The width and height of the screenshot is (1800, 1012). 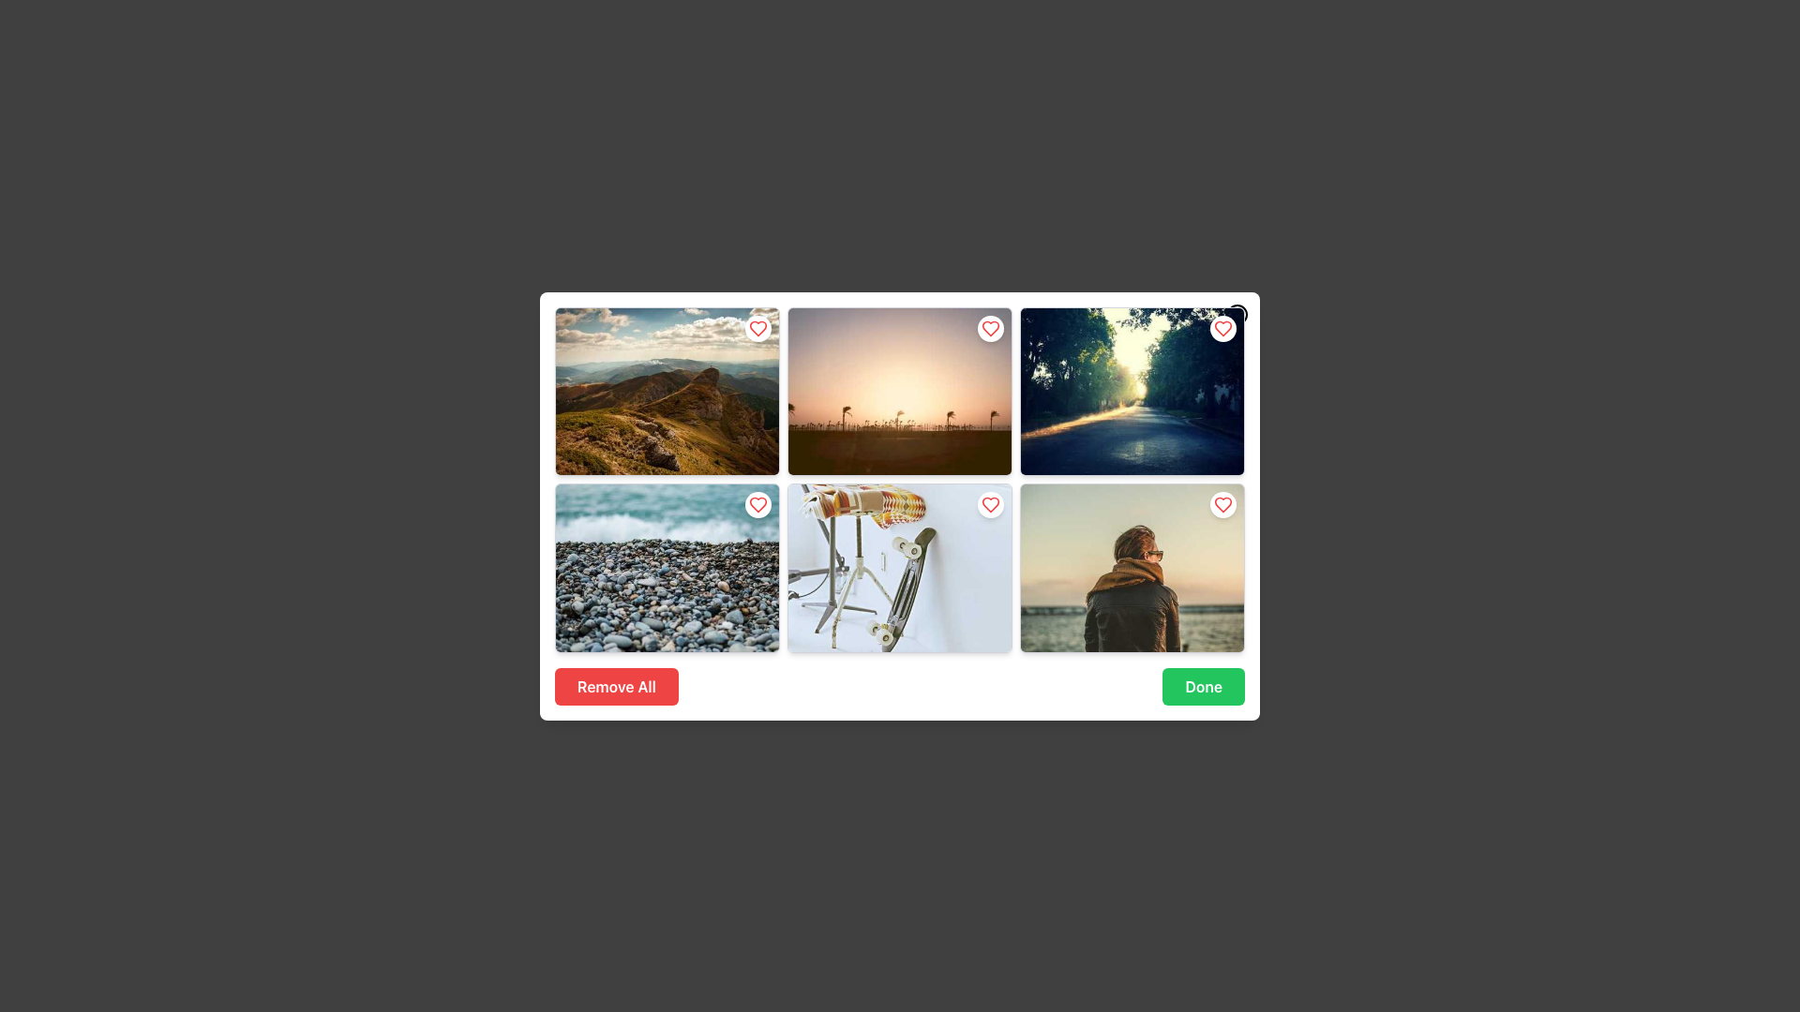 What do you see at coordinates (989, 327) in the screenshot?
I see `the heart-shaped icon button in the top-right corner of the second image in the grid` at bounding box center [989, 327].